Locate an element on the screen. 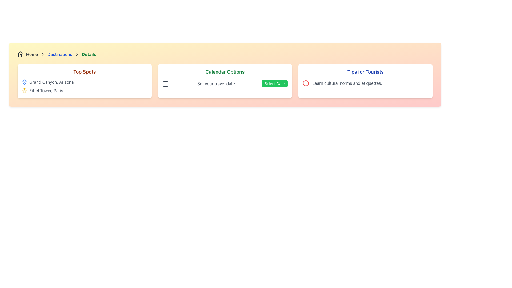 This screenshot has height=288, width=512. the text label that reads 'Learn cultural norms and etiquettes.' located in the rightmost card panel labeled 'Tips for Tourists' is located at coordinates (347, 83).